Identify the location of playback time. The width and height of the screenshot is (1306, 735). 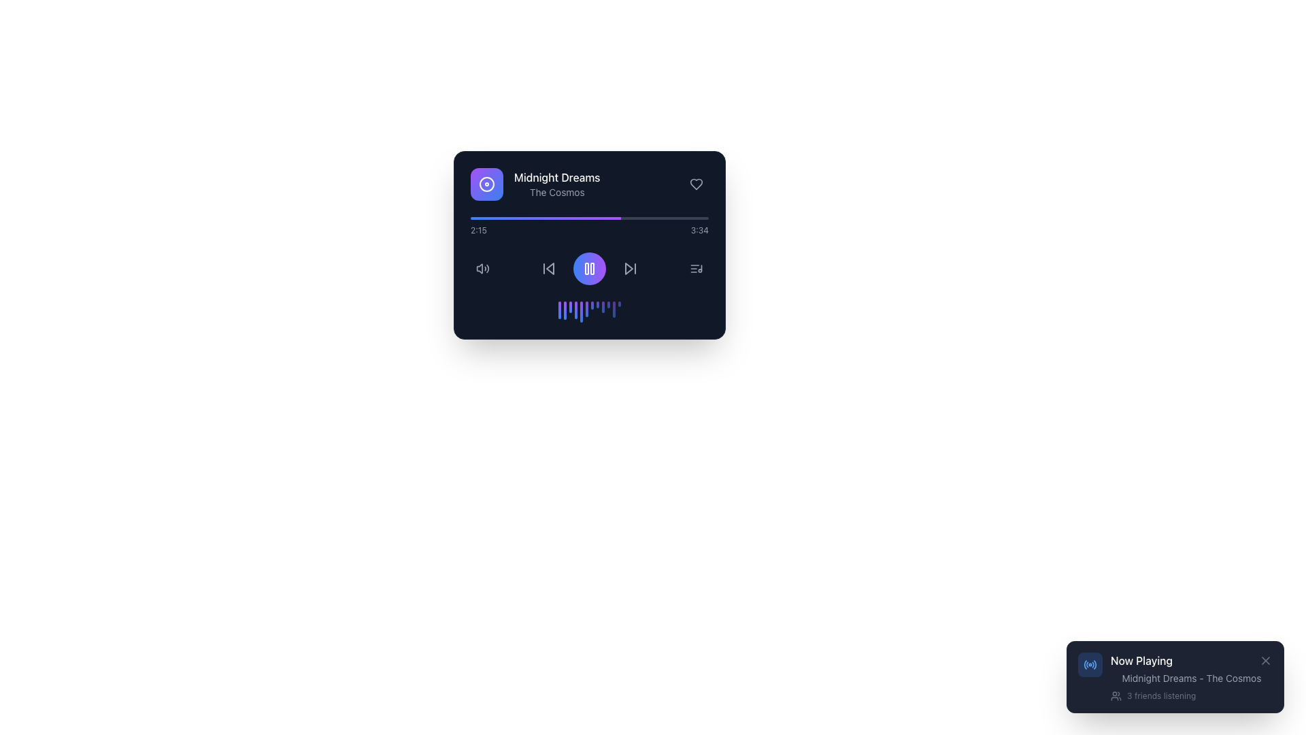
(518, 217).